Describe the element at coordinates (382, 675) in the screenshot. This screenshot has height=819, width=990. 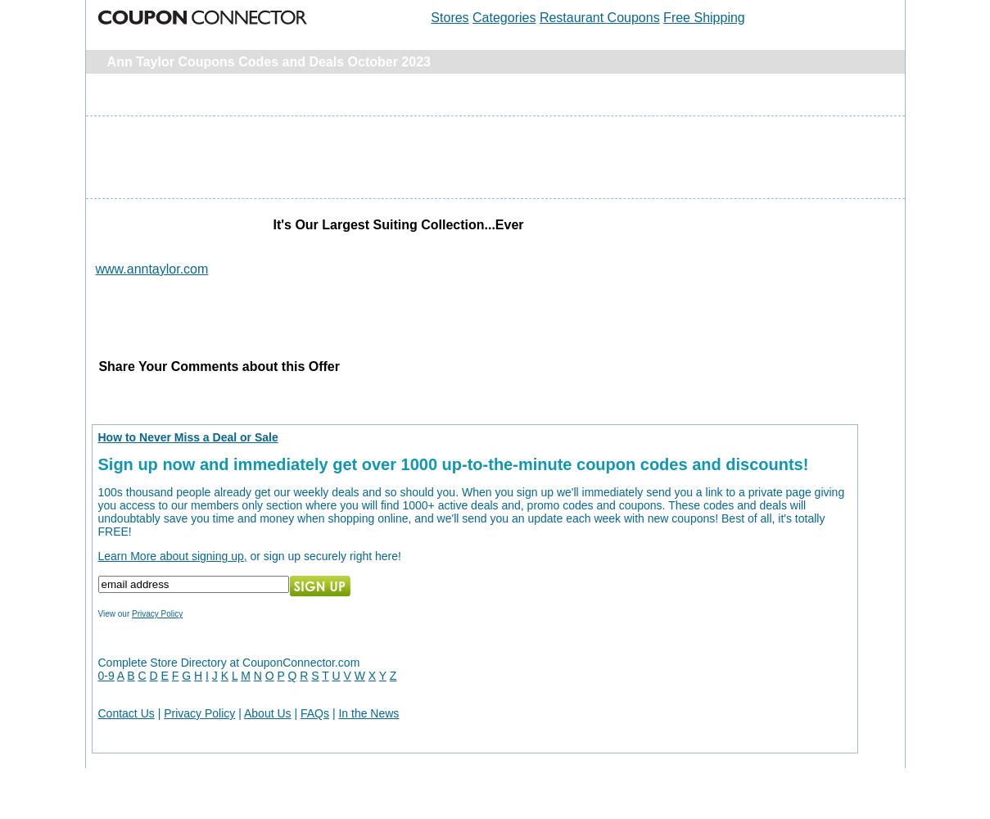
I see `'Y'` at that location.